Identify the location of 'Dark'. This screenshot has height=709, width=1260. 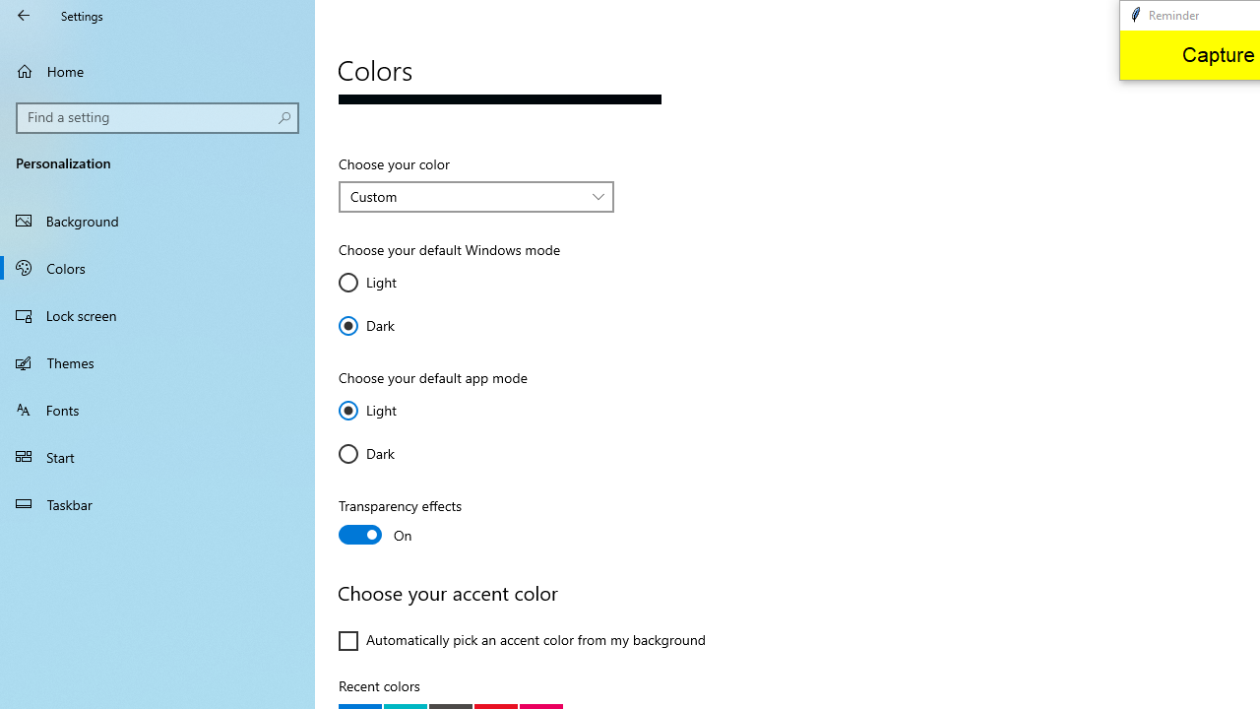
(396, 453).